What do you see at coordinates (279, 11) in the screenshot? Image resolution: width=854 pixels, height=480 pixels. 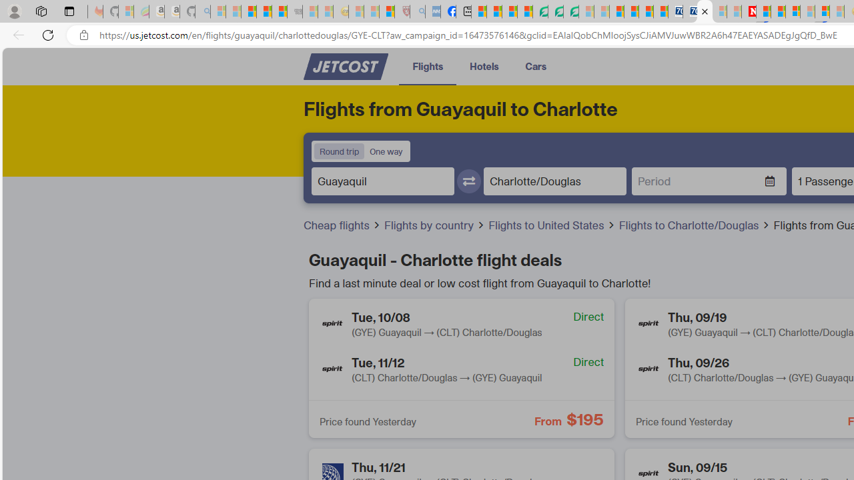 I see `'New Report Confirms 2023 Was Record Hot | Watch'` at bounding box center [279, 11].